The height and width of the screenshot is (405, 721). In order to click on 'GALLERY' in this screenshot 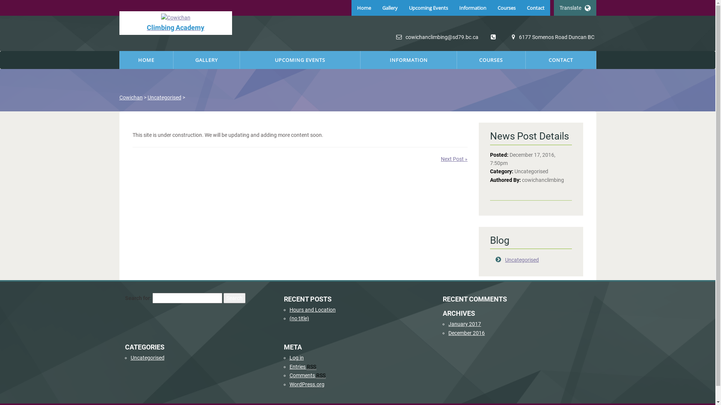, I will do `click(207, 59)`.